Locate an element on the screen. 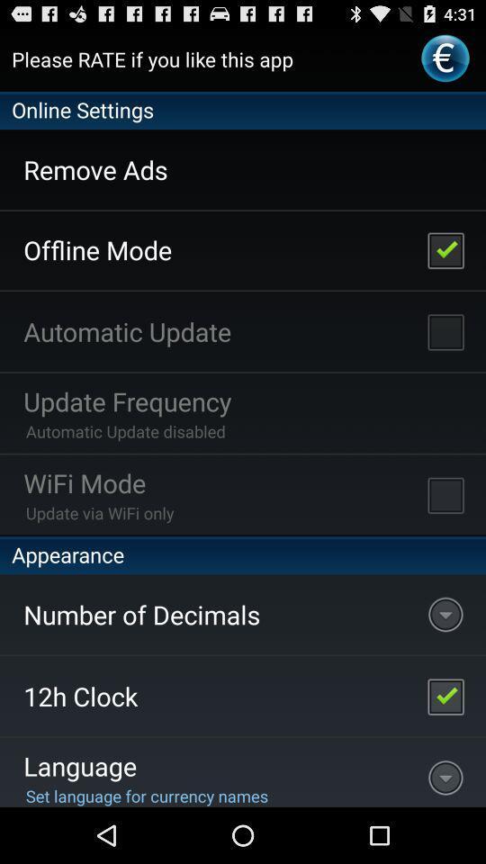 The image size is (486, 864). unmark the slected option is located at coordinates (445, 248).